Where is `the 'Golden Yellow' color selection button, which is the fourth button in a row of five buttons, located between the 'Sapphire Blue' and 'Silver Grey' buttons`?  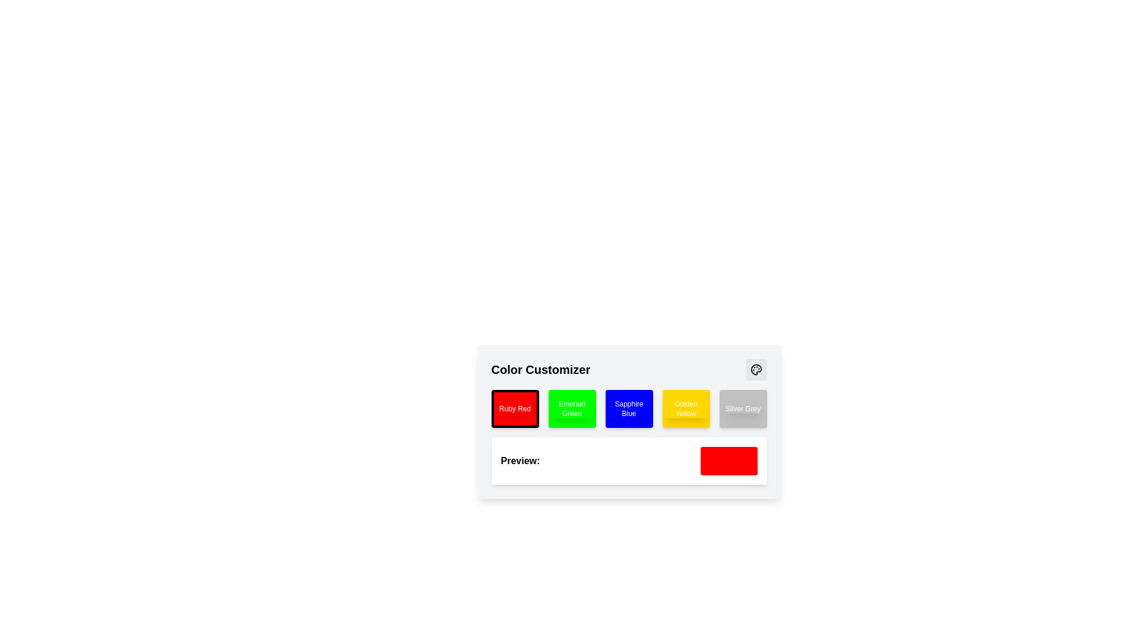 the 'Golden Yellow' color selection button, which is the fourth button in a row of five buttons, located between the 'Sapphire Blue' and 'Silver Grey' buttons is located at coordinates (686, 408).